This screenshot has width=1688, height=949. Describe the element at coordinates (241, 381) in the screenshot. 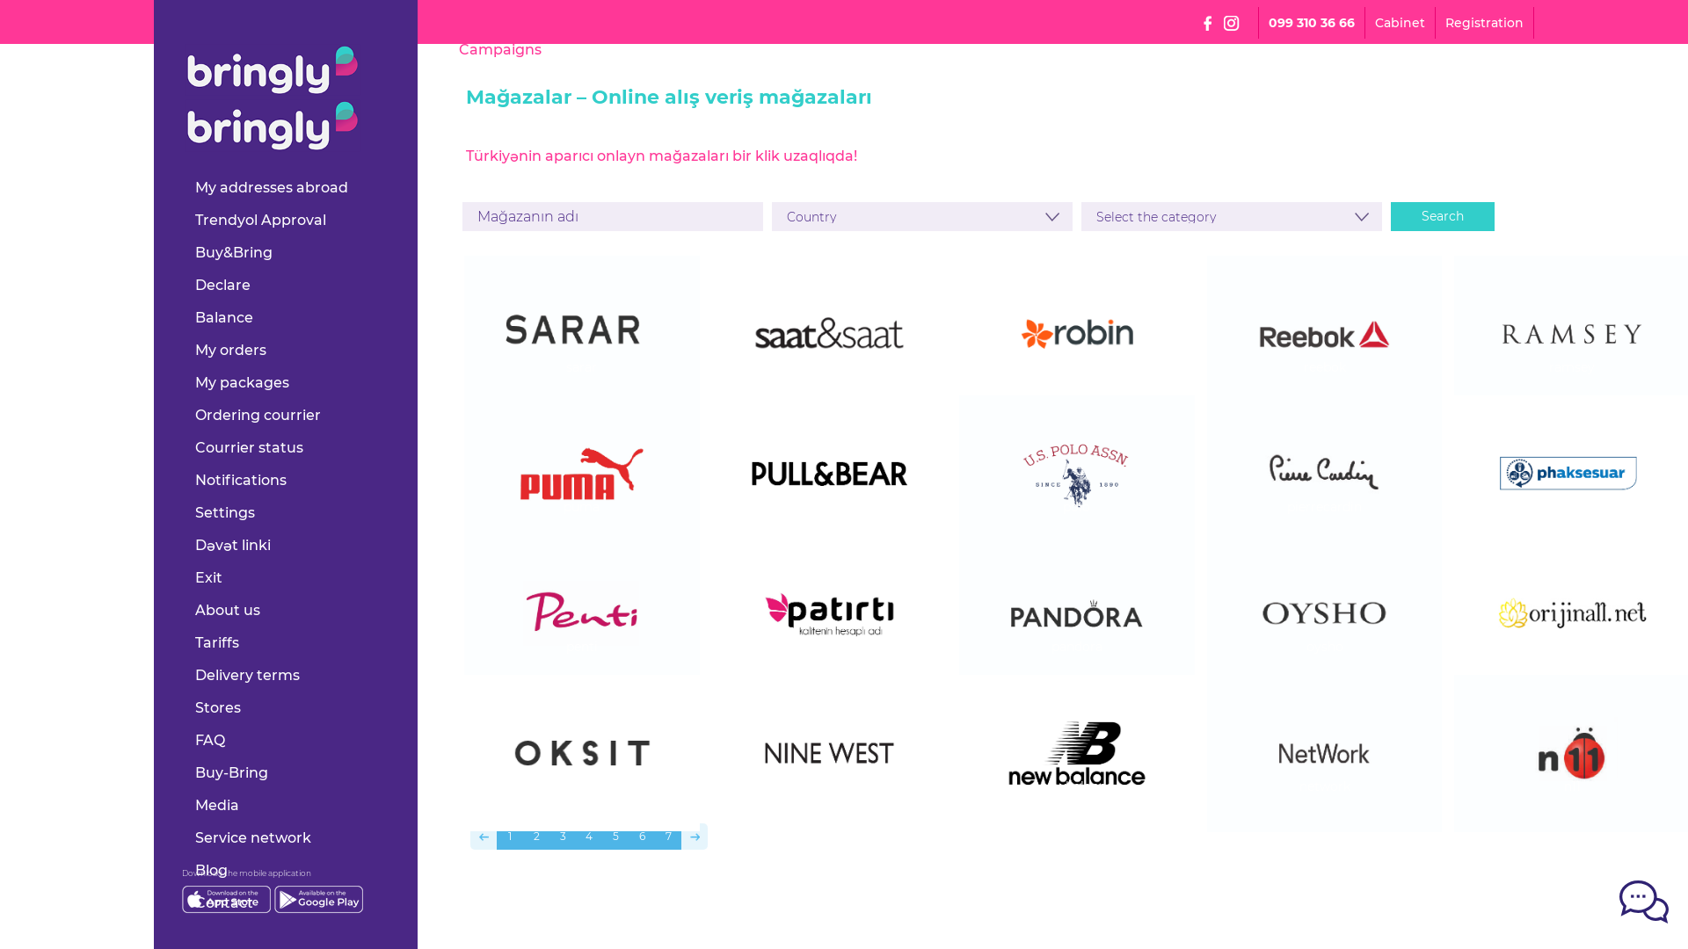

I see `'My packages'` at that location.